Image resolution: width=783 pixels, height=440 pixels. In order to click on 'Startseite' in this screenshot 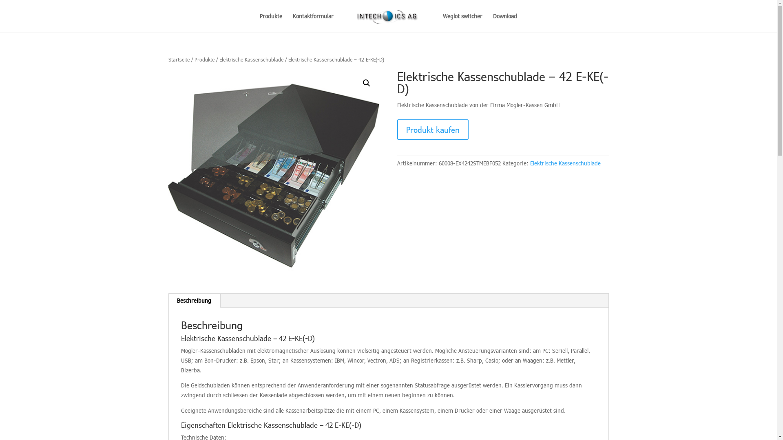, I will do `click(168, 59)`.